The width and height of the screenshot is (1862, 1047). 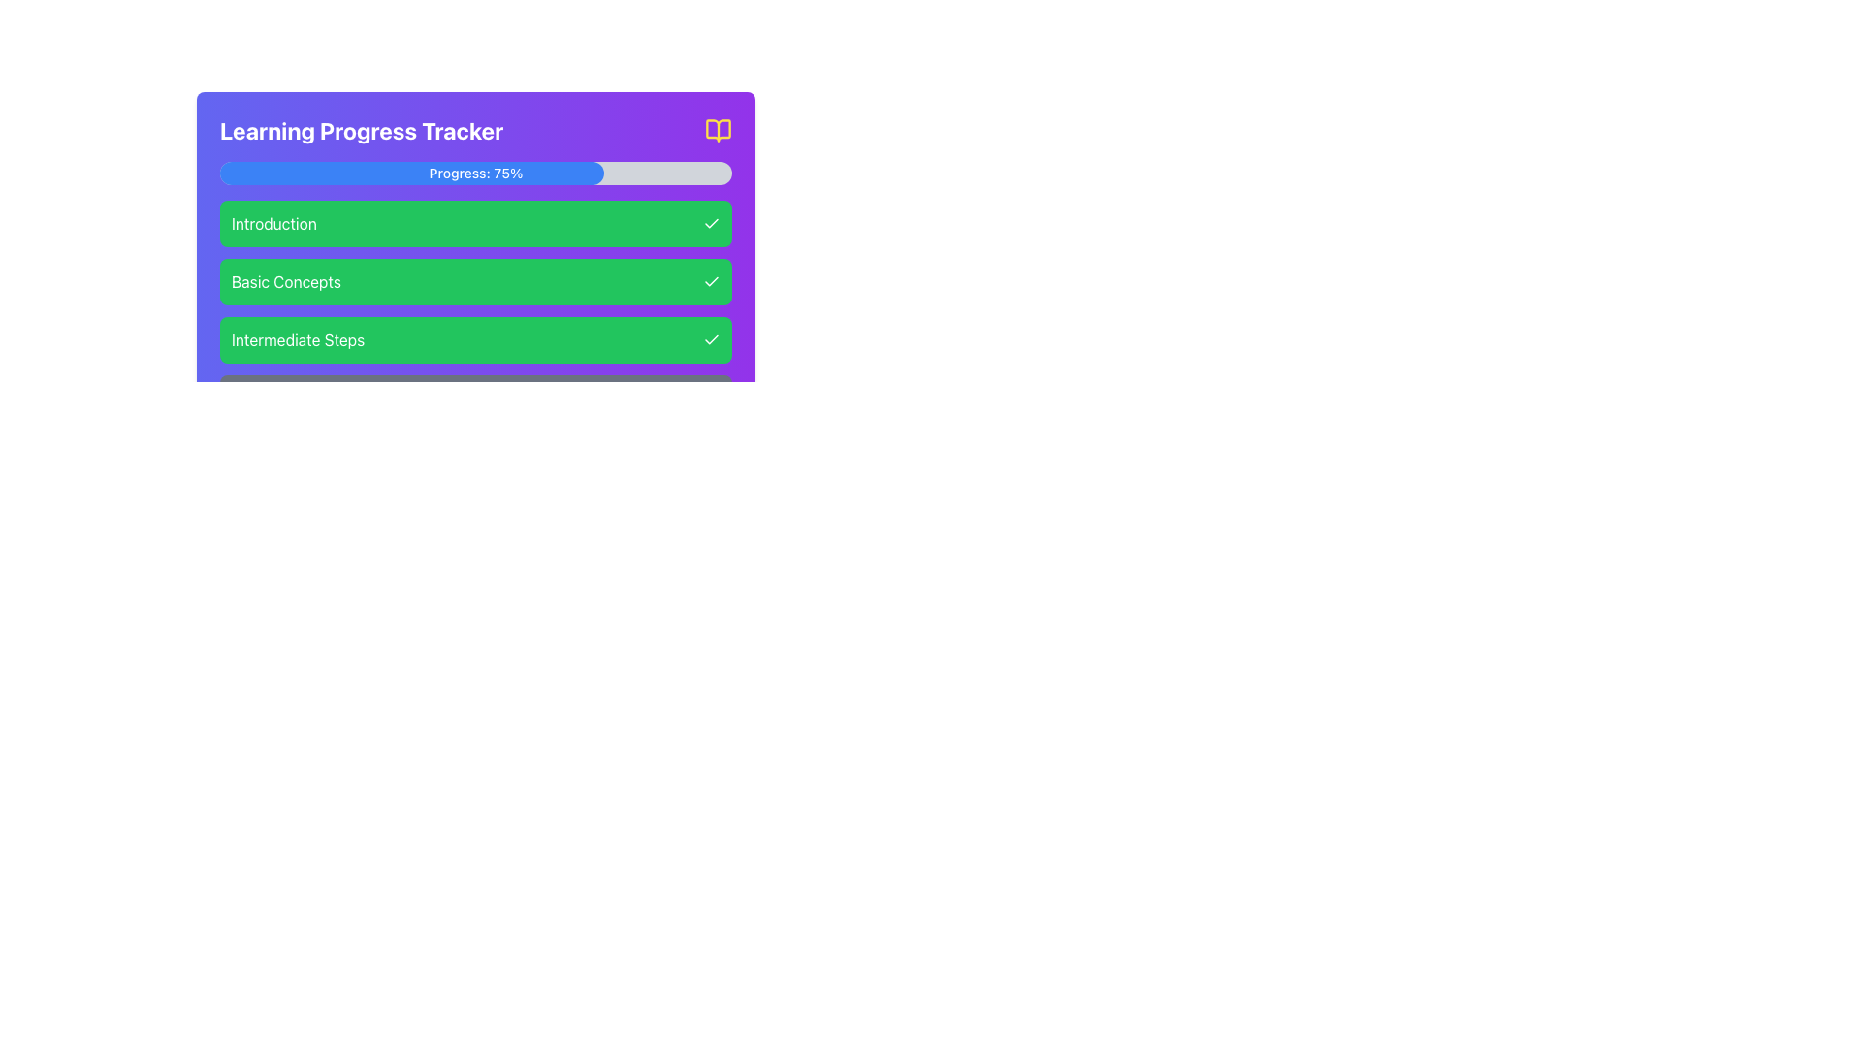 What do you see at coordinates (475, 339) in the screenshot?
I see `the 'Intermediate Steps' milestone indicator, which is the third block in a vertical series of four, indicating its completion with a tick mark` at bounding box center [475, 339].